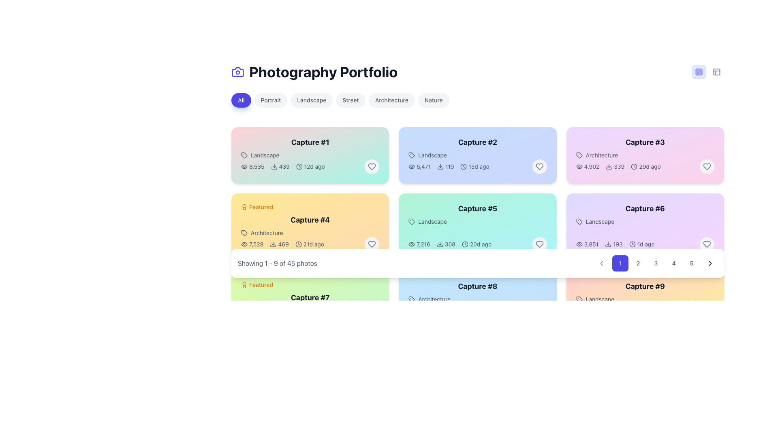 This screenshot has width=778, height=437. I want to click on the tag icon that signifies the 'Landscape' label in the details of the second photo card in the second row of the portfolio grid, so click(412, 155).